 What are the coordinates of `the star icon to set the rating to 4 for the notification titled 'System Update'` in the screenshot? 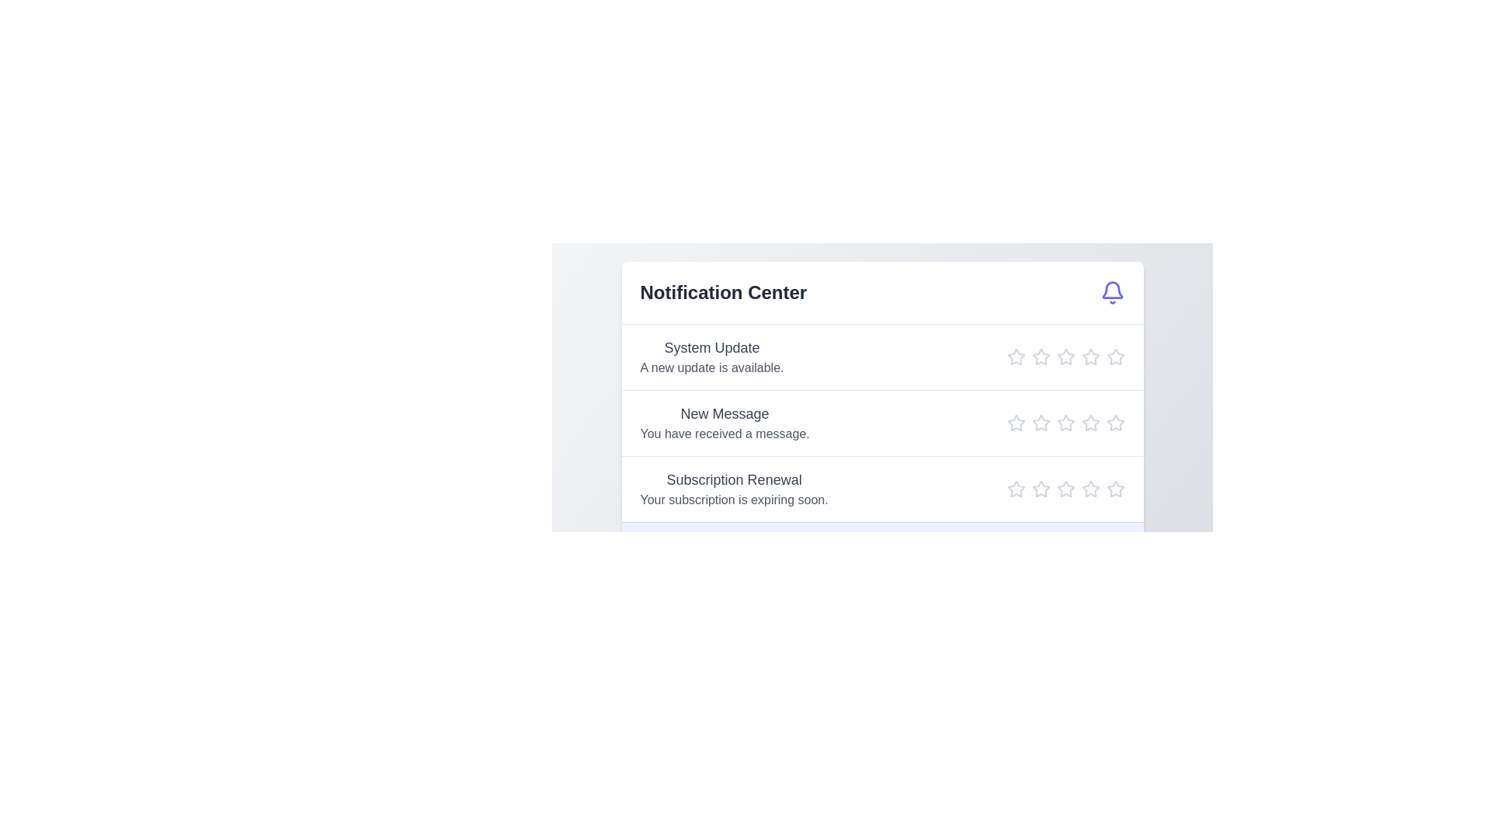 It's located at (1090, 357).